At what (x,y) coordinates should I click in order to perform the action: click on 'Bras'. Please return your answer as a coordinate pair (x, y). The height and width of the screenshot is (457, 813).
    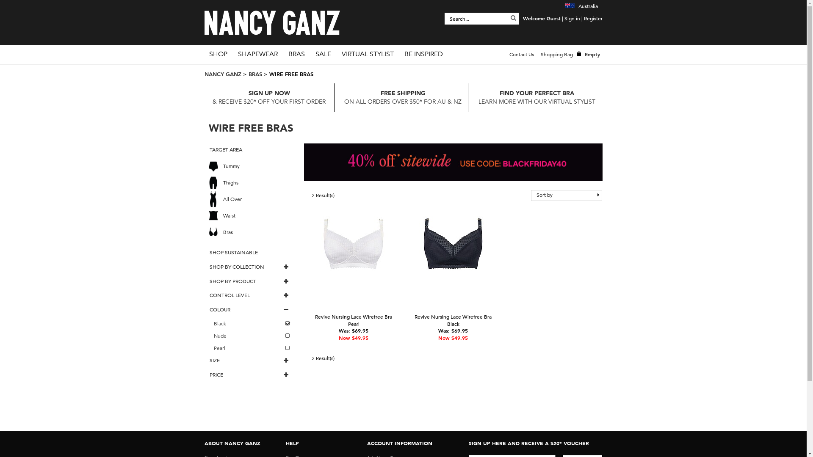
    Looking at the image, I should click on (251, 232).